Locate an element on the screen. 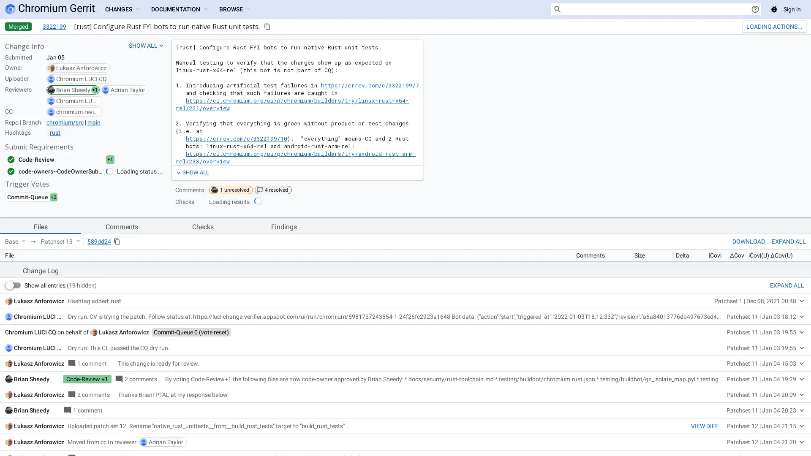 This screenshot has width=811, height=456. Adrian Taylor is located at coordinates (127, 90).